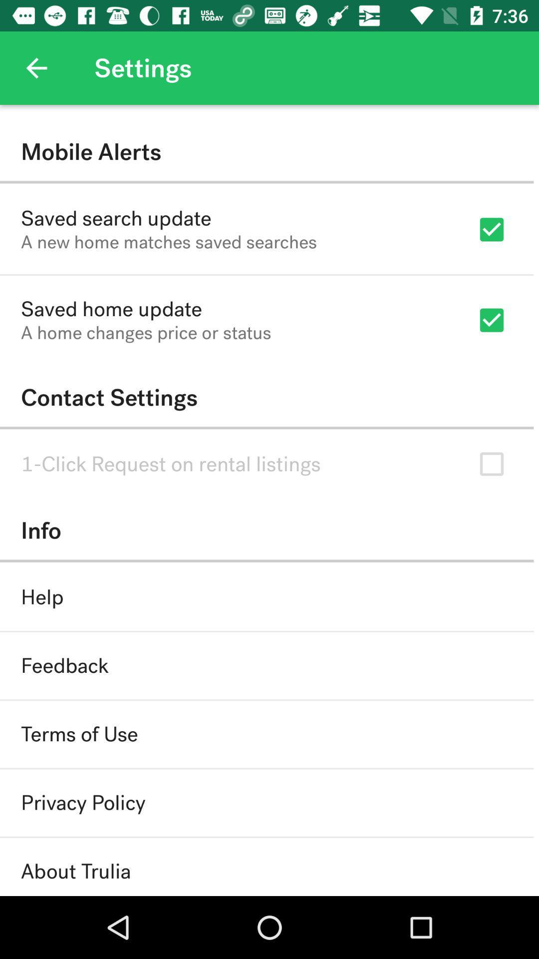 The height and width of the screenshot is (959, 539). Describe the element at coordinates (170, 464) in the screenshot. I see `item below contact settings item` at that location.